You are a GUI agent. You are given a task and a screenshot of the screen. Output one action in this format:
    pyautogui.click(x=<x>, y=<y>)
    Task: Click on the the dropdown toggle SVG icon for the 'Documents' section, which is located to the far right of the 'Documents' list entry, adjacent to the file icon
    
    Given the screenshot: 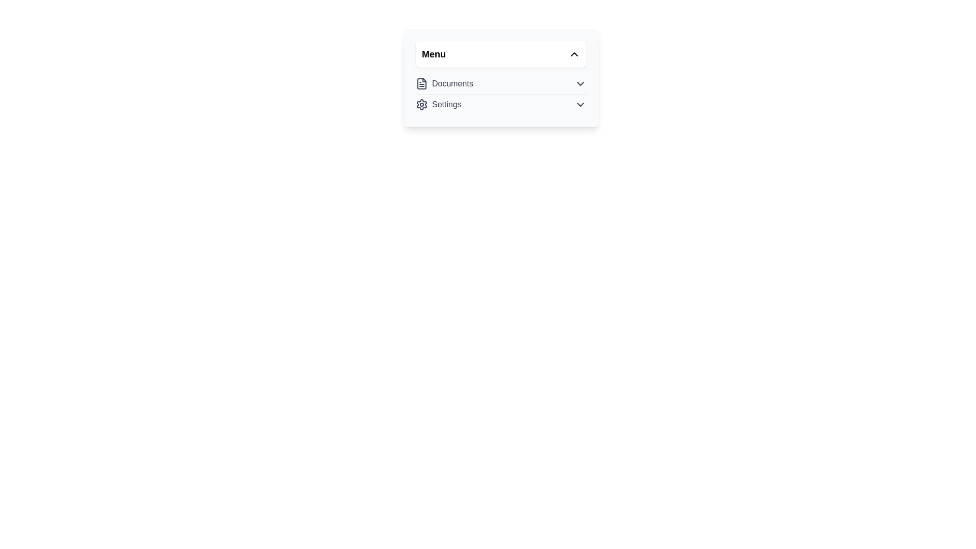 What is the action you would take?
    pyautogui.click(x=581, y=83)
    